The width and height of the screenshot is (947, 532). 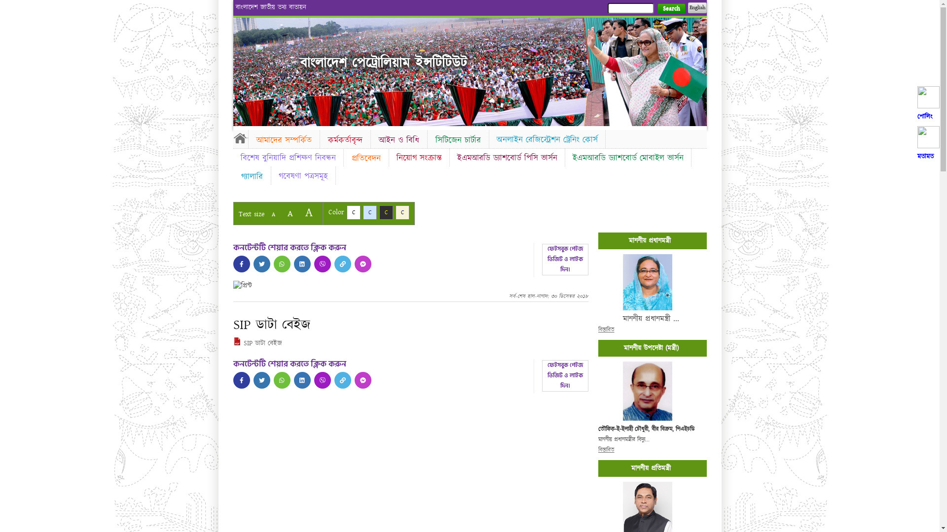 I want to click on 'C', so click(x=395, y=212).